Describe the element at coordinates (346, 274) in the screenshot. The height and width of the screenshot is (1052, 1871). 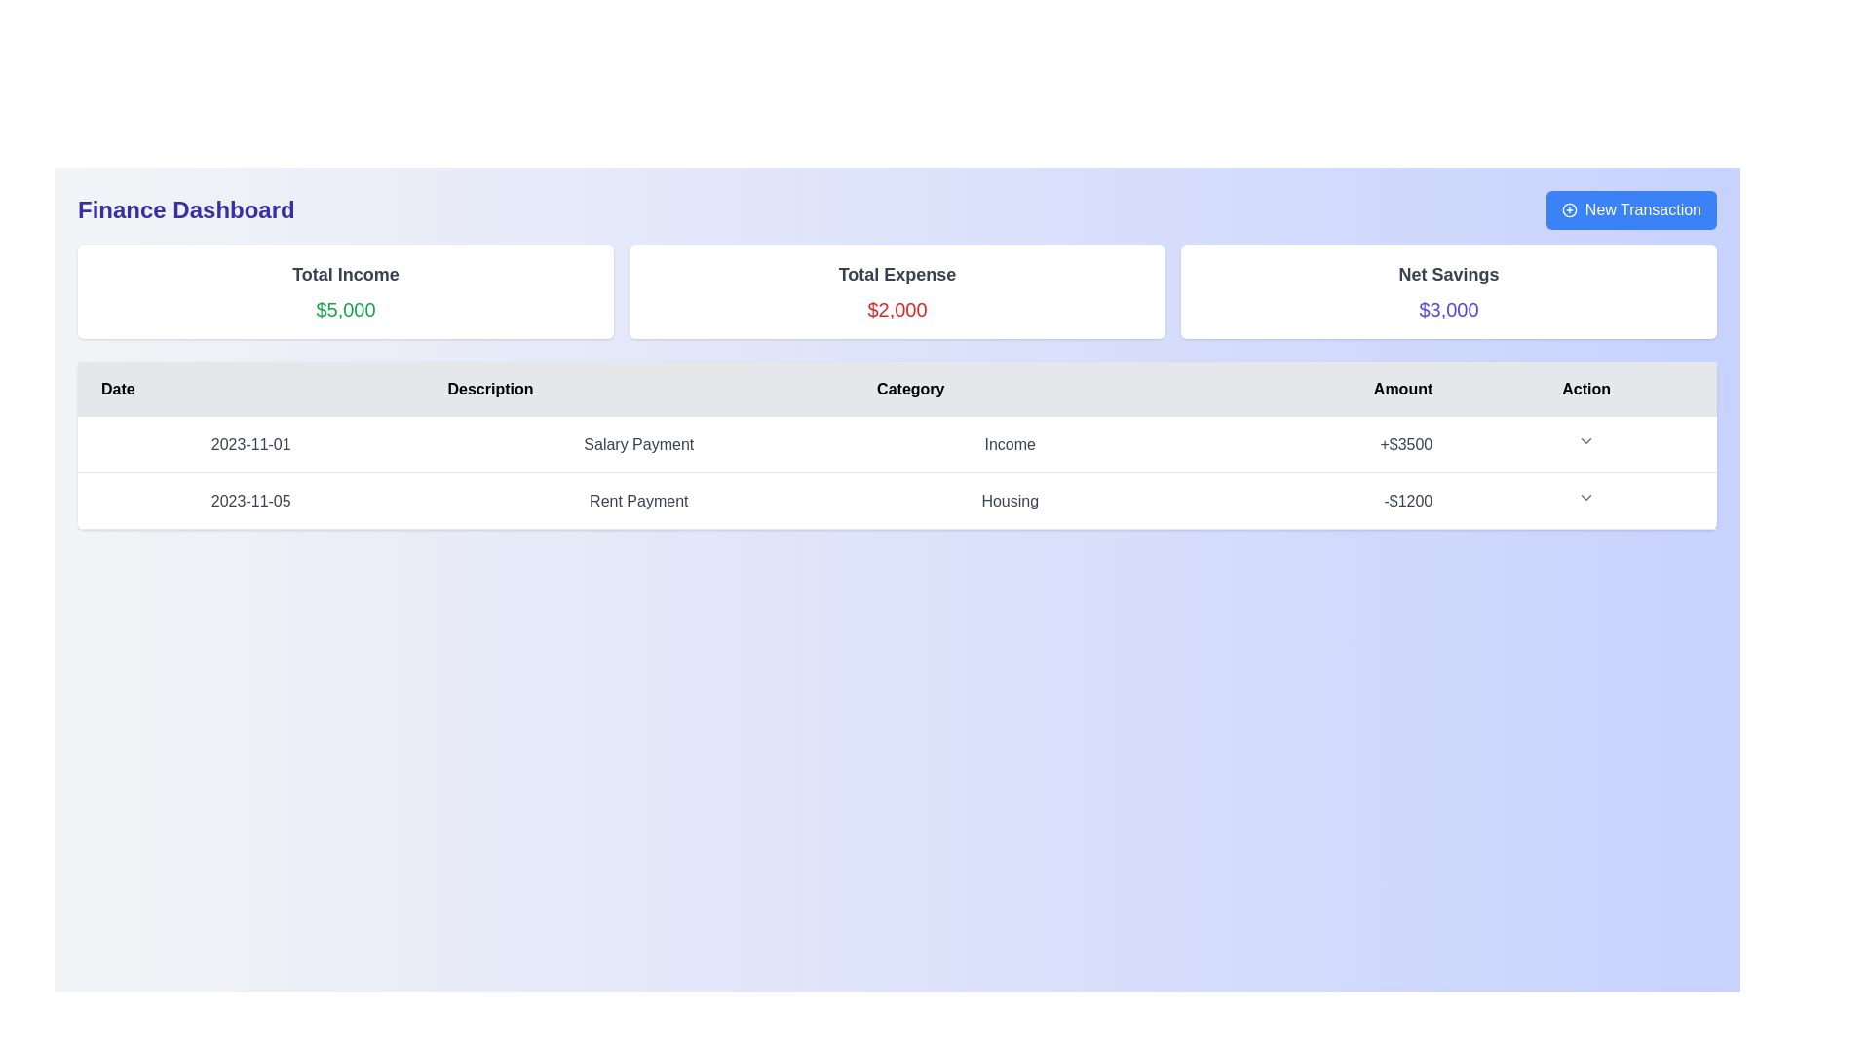
I see `the 'Total Income' text label located in the top-left section of the white card containing financial information, which is directly above the '$5,000' green text` at that location.